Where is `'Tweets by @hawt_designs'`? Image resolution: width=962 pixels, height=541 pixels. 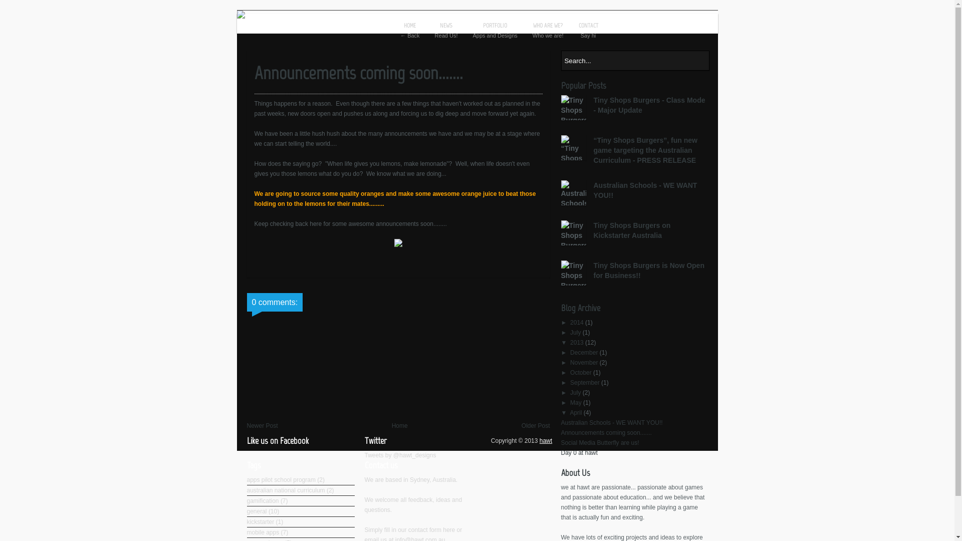
'Tweets by @hawt_designs' is located at coordinates (400, 455).